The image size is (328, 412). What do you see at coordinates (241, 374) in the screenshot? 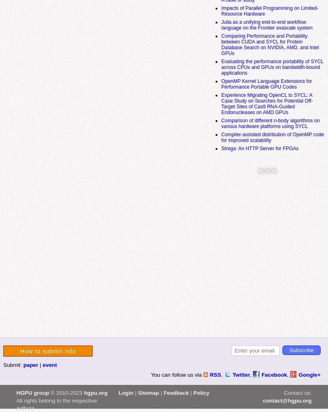
I see `'Twitter'` at bounding box center [241, 374].